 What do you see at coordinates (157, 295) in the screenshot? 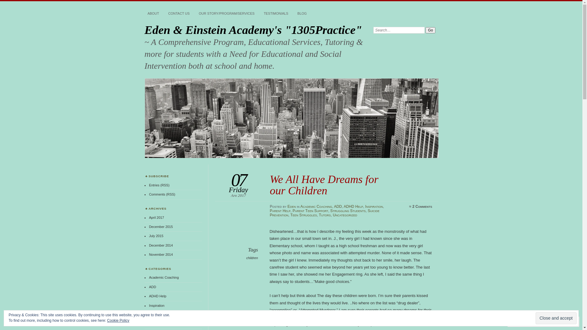
I see `'ADHD Help'` at bounding box center [157, 295].